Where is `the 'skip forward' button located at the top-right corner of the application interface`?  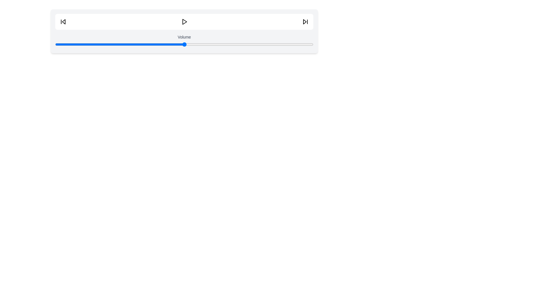
the 'skip forward' button located at the top-right corner of the application interface is located at coordinates (305, 22).